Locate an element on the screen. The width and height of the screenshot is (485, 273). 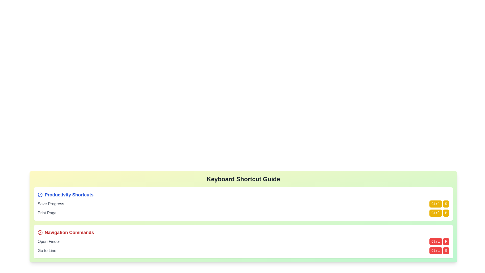
the Text Label in the 'Productivity Shortcuts' section that identifies the associated shortcut action for saving progress, positioned above 'Print Page' is located at coordinates (51, 203).